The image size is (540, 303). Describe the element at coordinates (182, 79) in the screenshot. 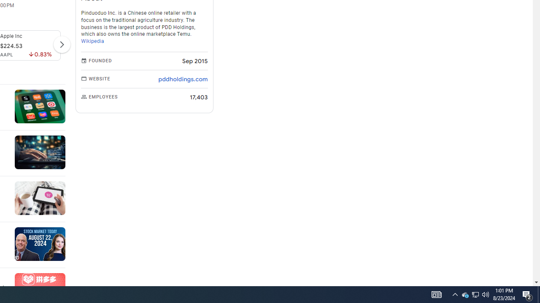

I see `'pddholdings.com'` at that location.